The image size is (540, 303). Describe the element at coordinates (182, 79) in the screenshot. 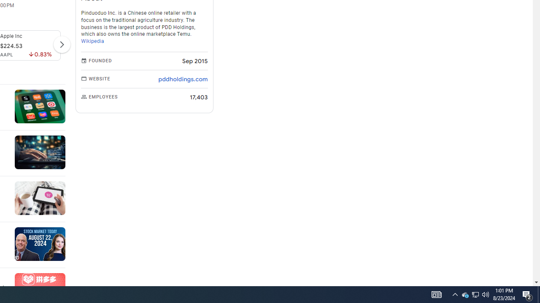

I see `'pddholdings.com'` at that location.